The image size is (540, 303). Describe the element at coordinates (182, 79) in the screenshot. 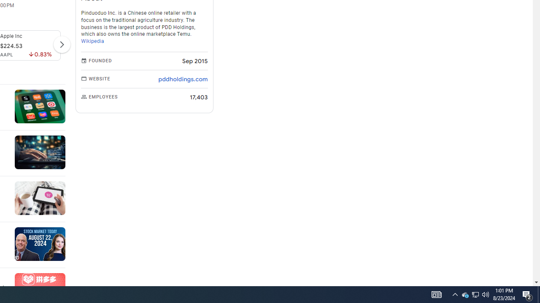

I see `'pddholdings.com'` at that location.